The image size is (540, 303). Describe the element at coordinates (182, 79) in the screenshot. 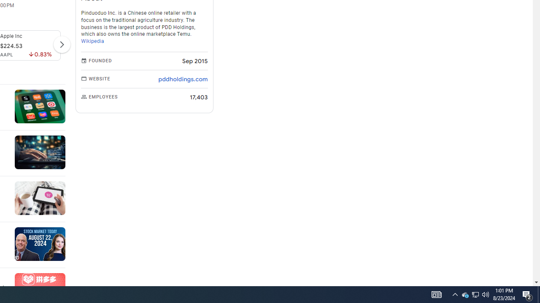

I see `'pddholdings.com'` at that location.